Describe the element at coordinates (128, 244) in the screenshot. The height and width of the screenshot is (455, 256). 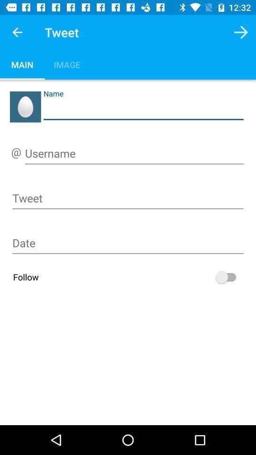
I see `advertisement` at that location.